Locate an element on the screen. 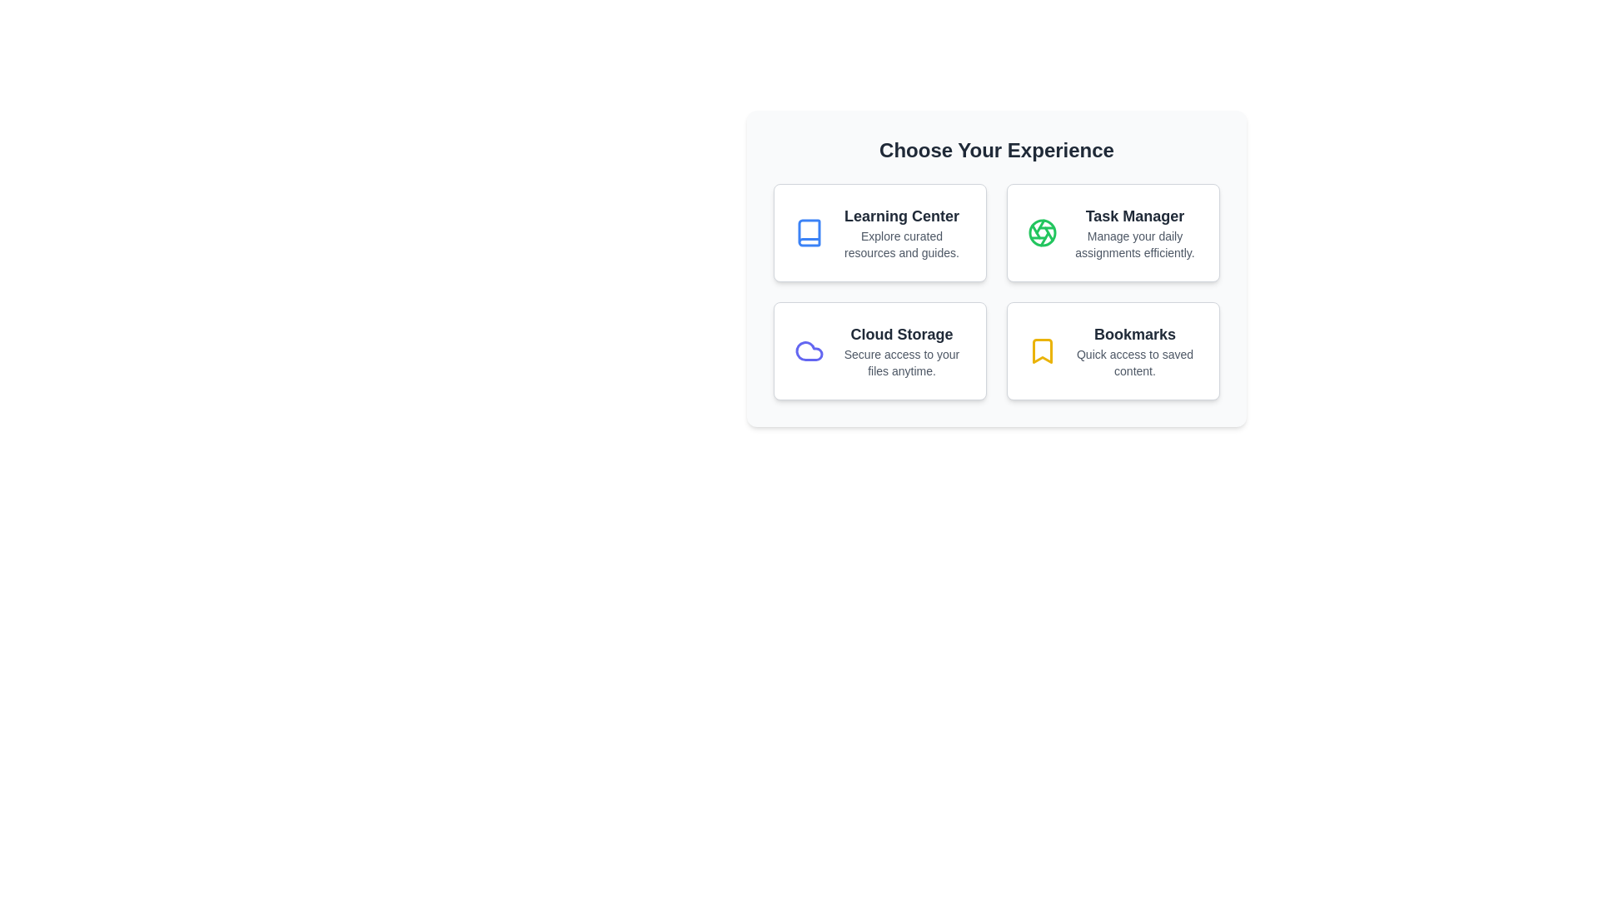 The height and width of the screenshot is (899, 1599). the blue outlined book icon within the 'Learning Center' section of the interface is located at coordinates (809, 233).